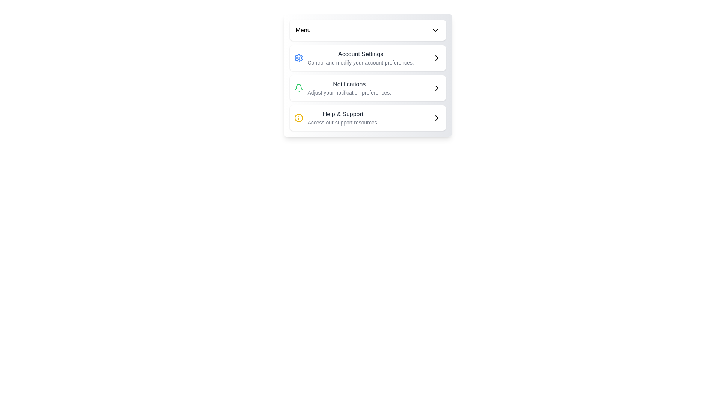 The height and width of the screenshot is (405, 720). What do you see at coordinates (367, 57) in the screenshot?
I see `the account settings button, which is the first item` at bounding box center [367, 57].